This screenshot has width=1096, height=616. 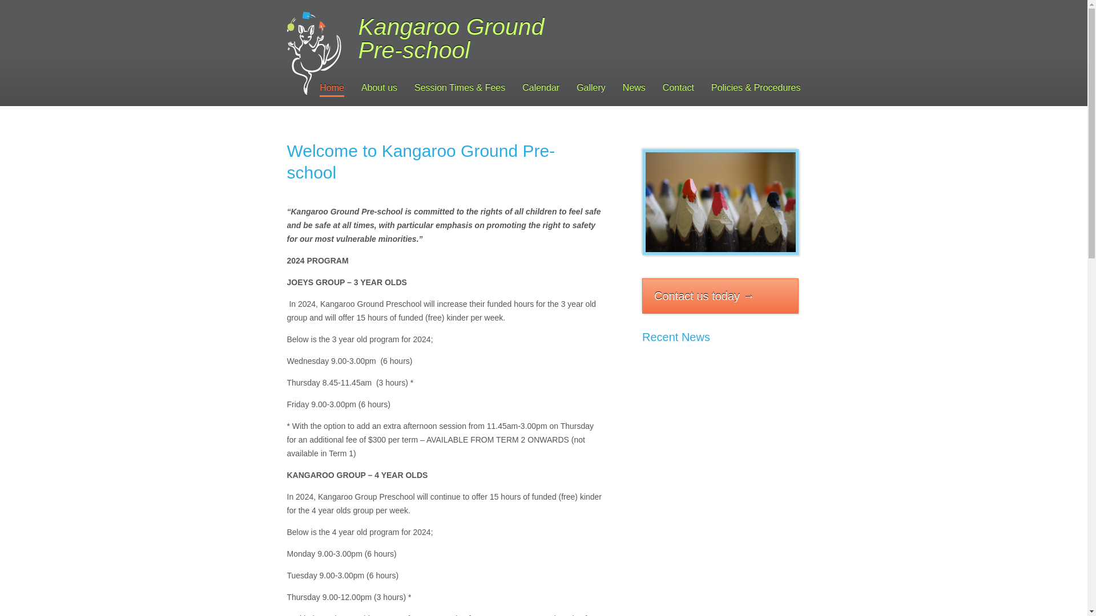 What do you see at coordinates (711, 88) in the screenshot?
I see `'Policies & Procedures'` at bounding box center [711, 88].